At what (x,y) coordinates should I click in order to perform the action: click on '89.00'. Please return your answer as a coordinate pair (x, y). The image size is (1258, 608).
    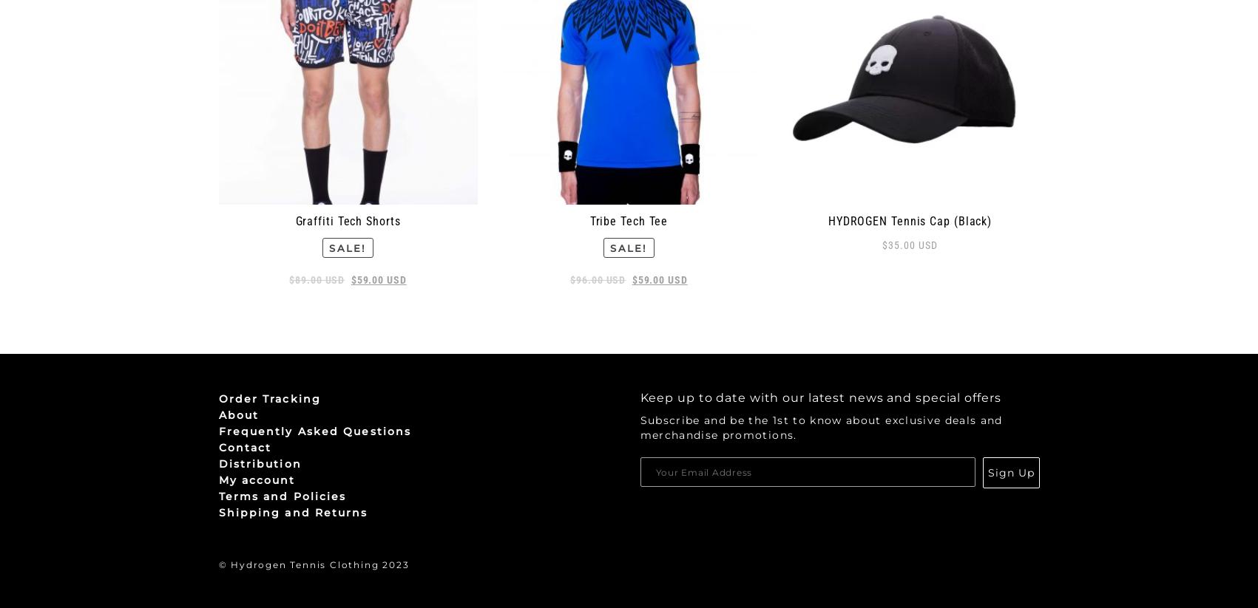
    Looking at the image, I should click on (308, 279).